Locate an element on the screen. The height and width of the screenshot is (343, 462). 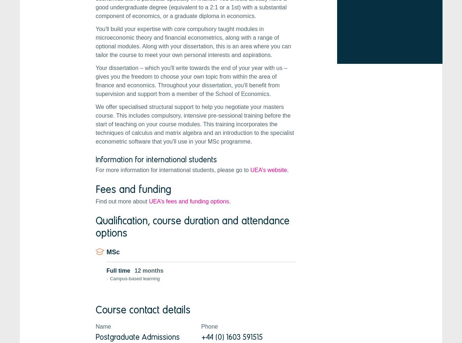
'MSc' is located at coordinates (113, 251).